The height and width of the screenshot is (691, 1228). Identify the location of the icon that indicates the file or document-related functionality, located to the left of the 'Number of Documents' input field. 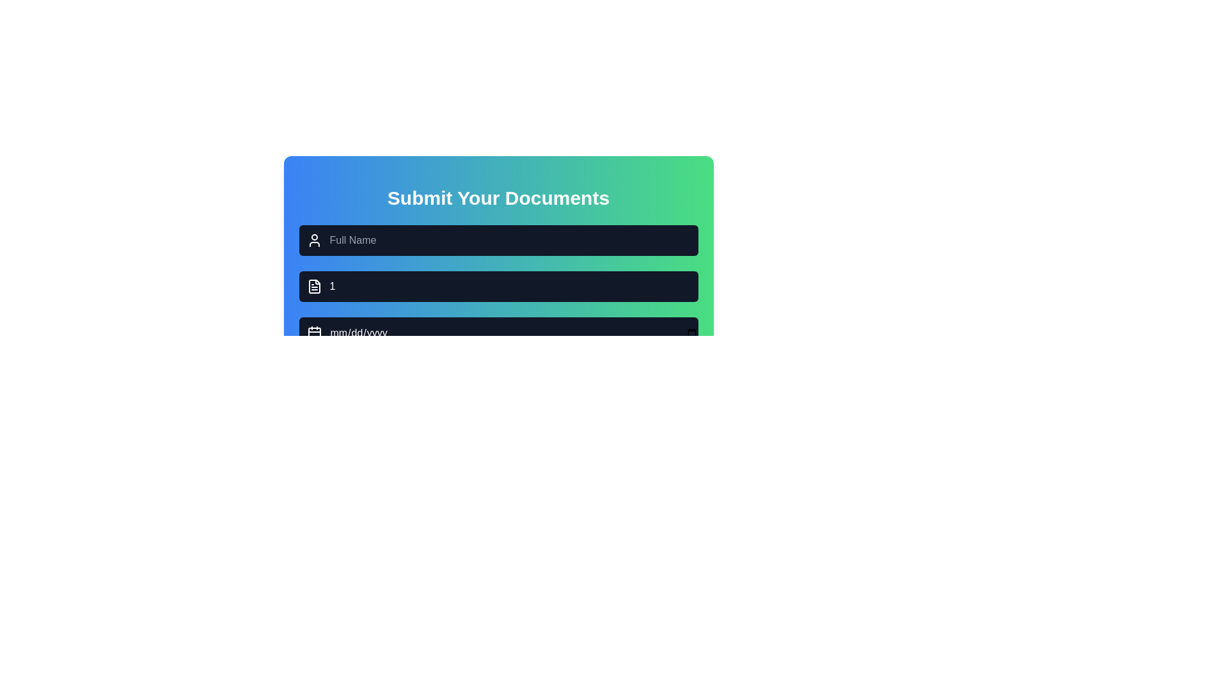
(314, 285).